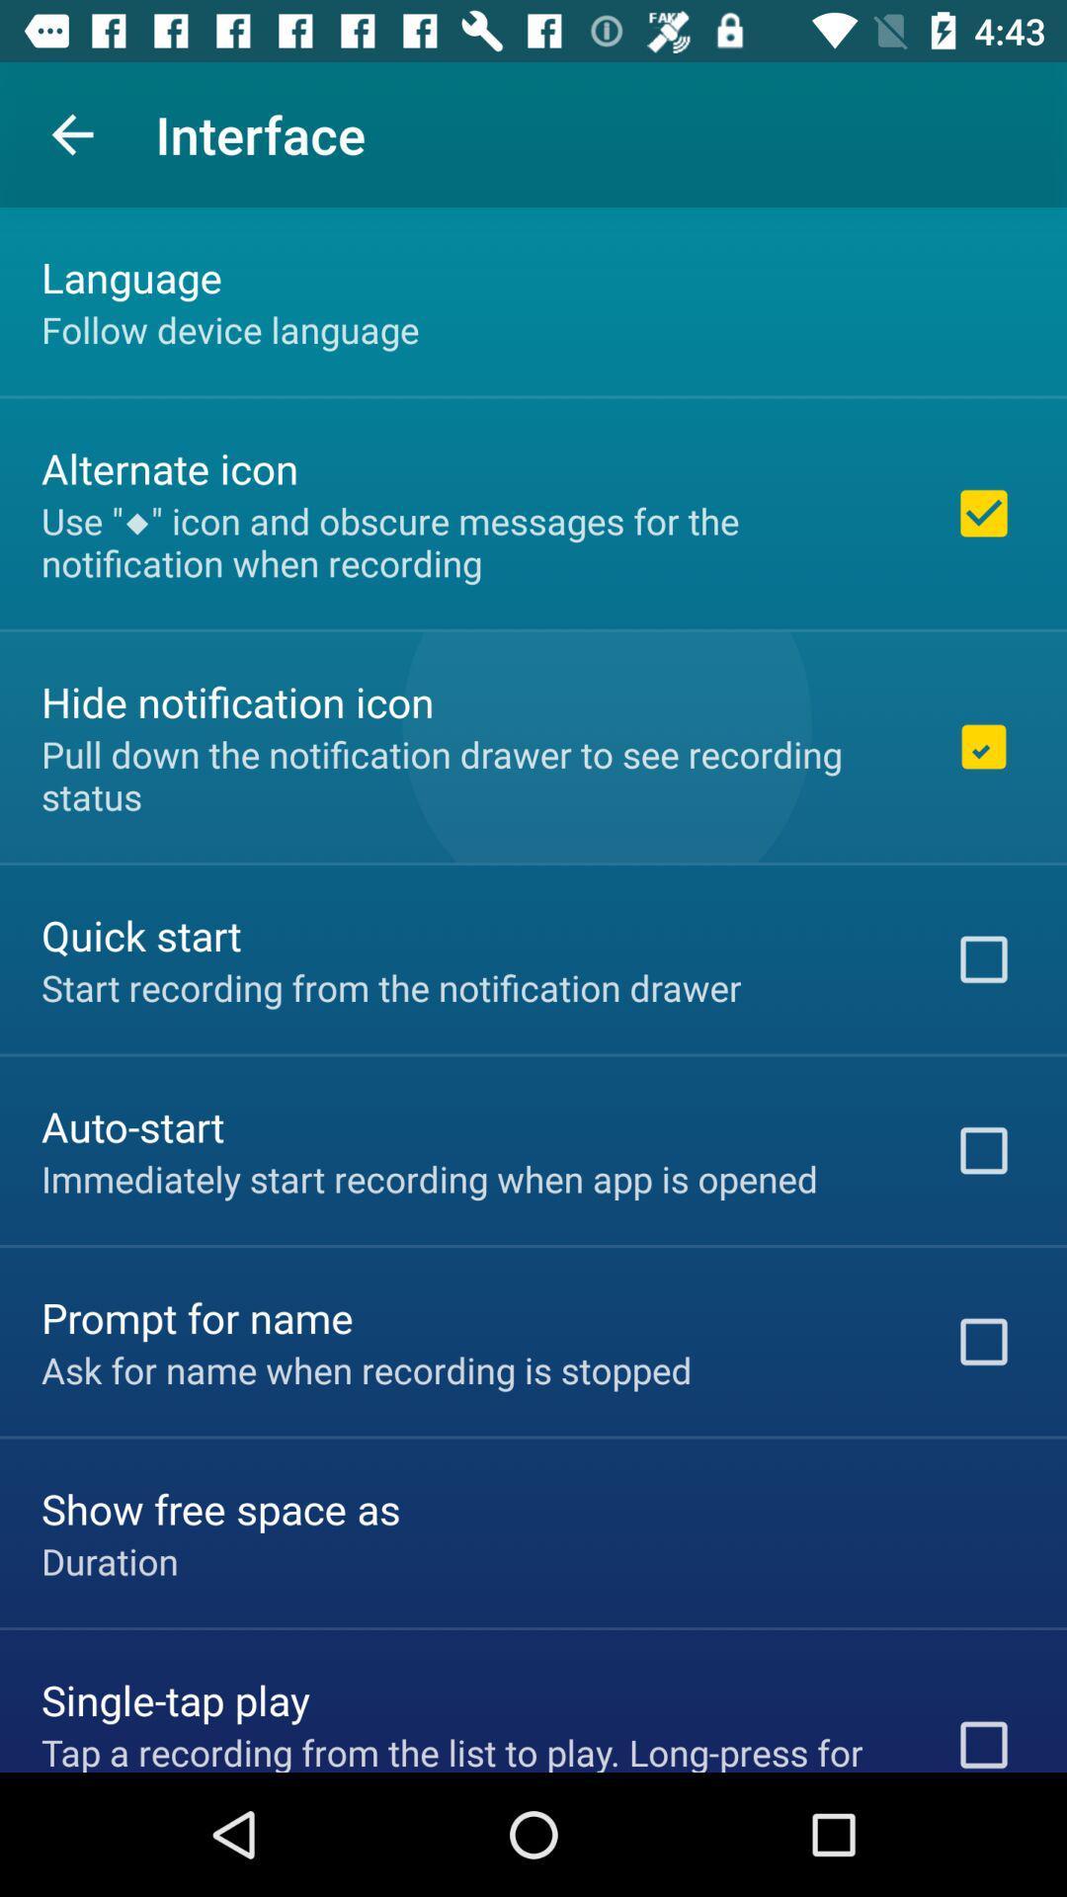  I want to click on the 3rd checkbox from the bottom right side of the web page, so click(983, 1151).